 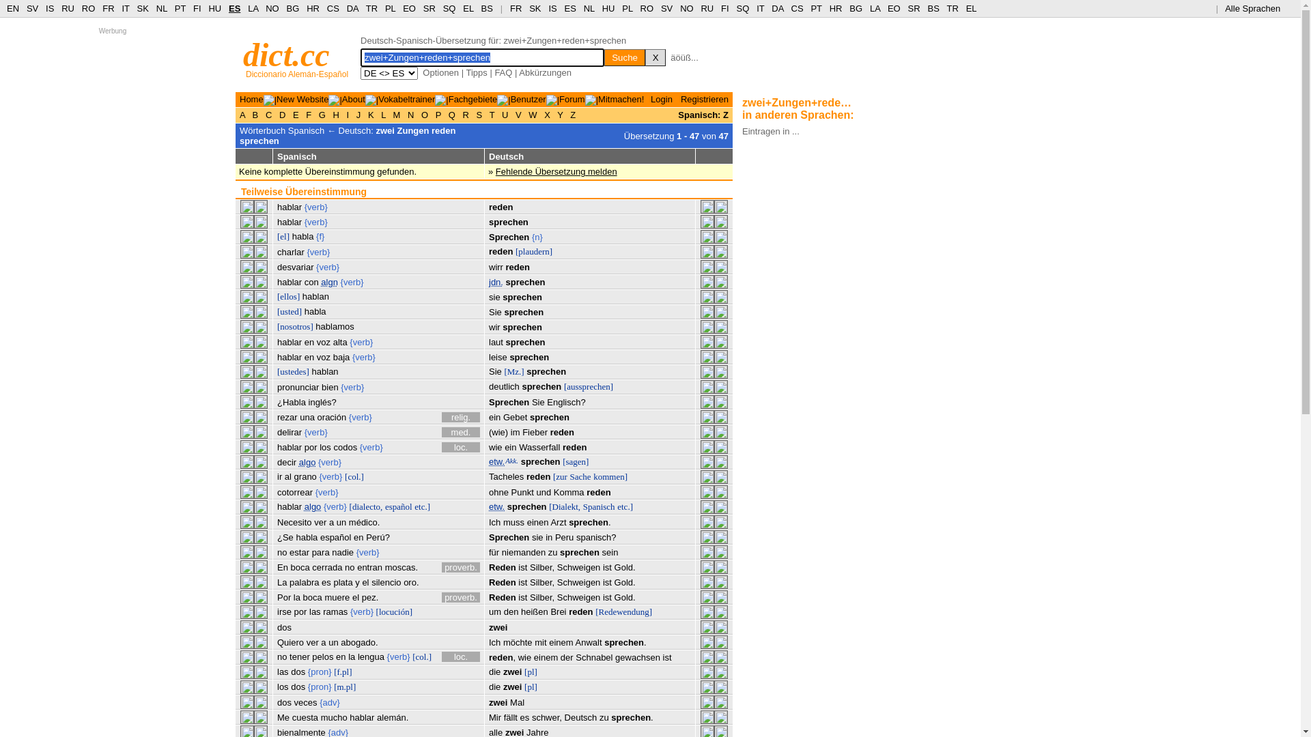 I want to click on 'Sprechen', so click(x=508, y=536).